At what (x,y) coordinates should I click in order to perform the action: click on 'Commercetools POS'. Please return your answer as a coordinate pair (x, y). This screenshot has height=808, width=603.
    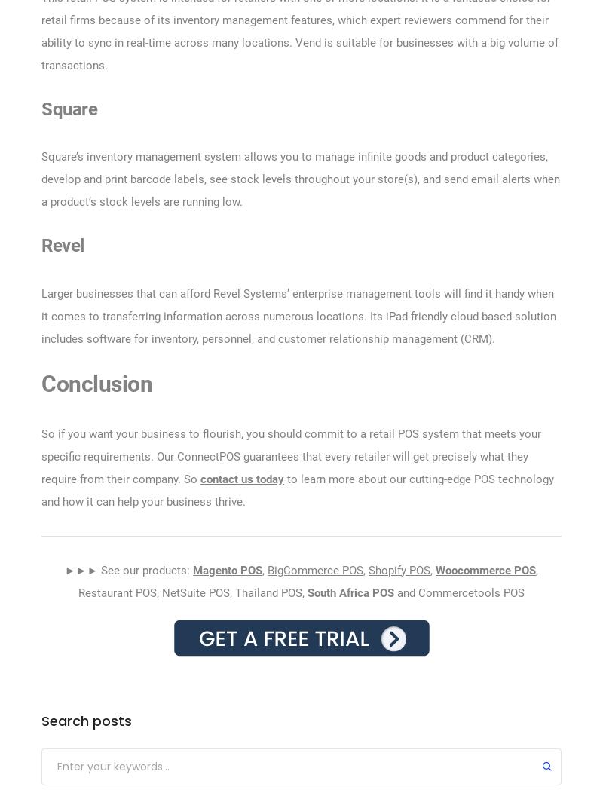
    Looking at the image, I should click on (471, 592).